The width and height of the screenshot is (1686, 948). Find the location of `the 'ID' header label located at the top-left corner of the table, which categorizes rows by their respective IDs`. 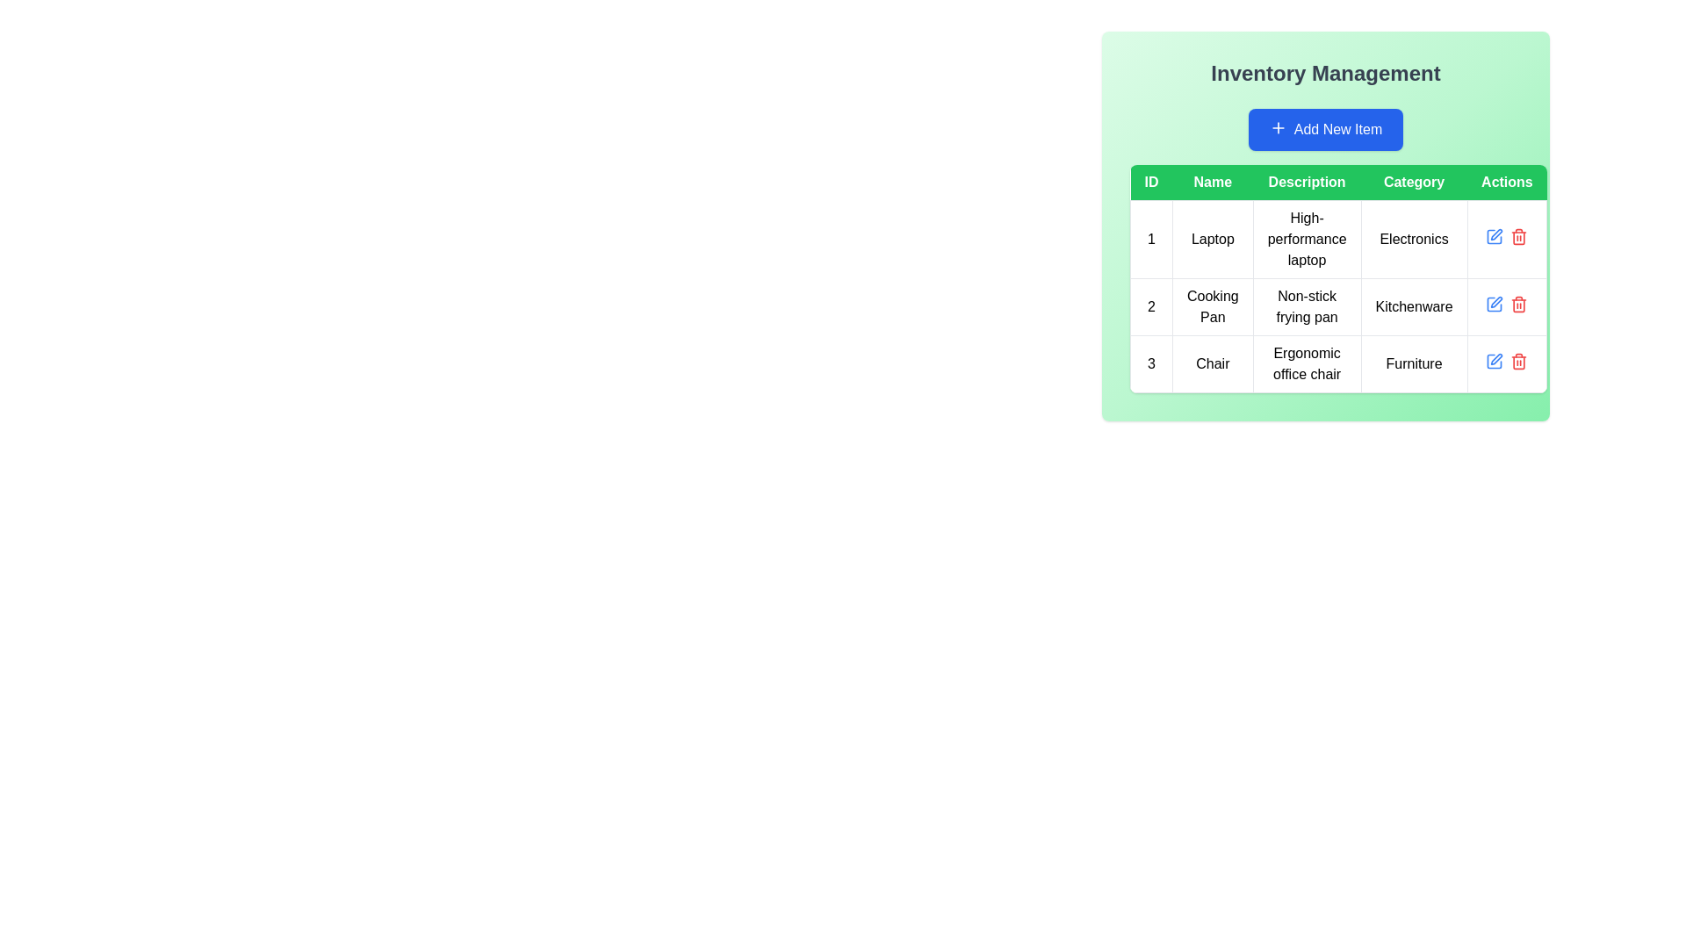

the 'ID' header label located at the top-left corner of the table, which categorizes rows by their respective IDs is located at coordinates (1151, 183).